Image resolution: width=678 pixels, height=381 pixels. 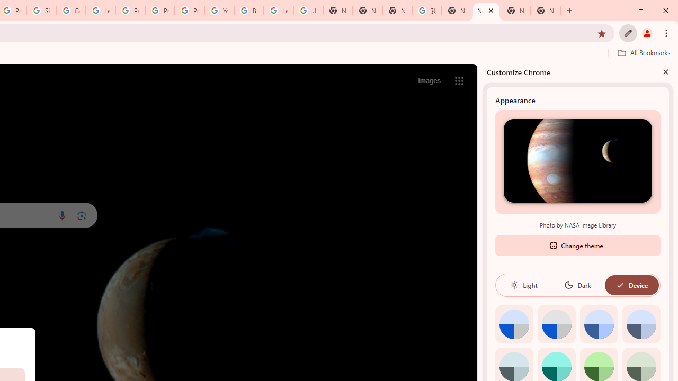 I want to click on 'Browse Chrome as a guest - Computer - Google Chrome Help', so click(x=248, y=11).